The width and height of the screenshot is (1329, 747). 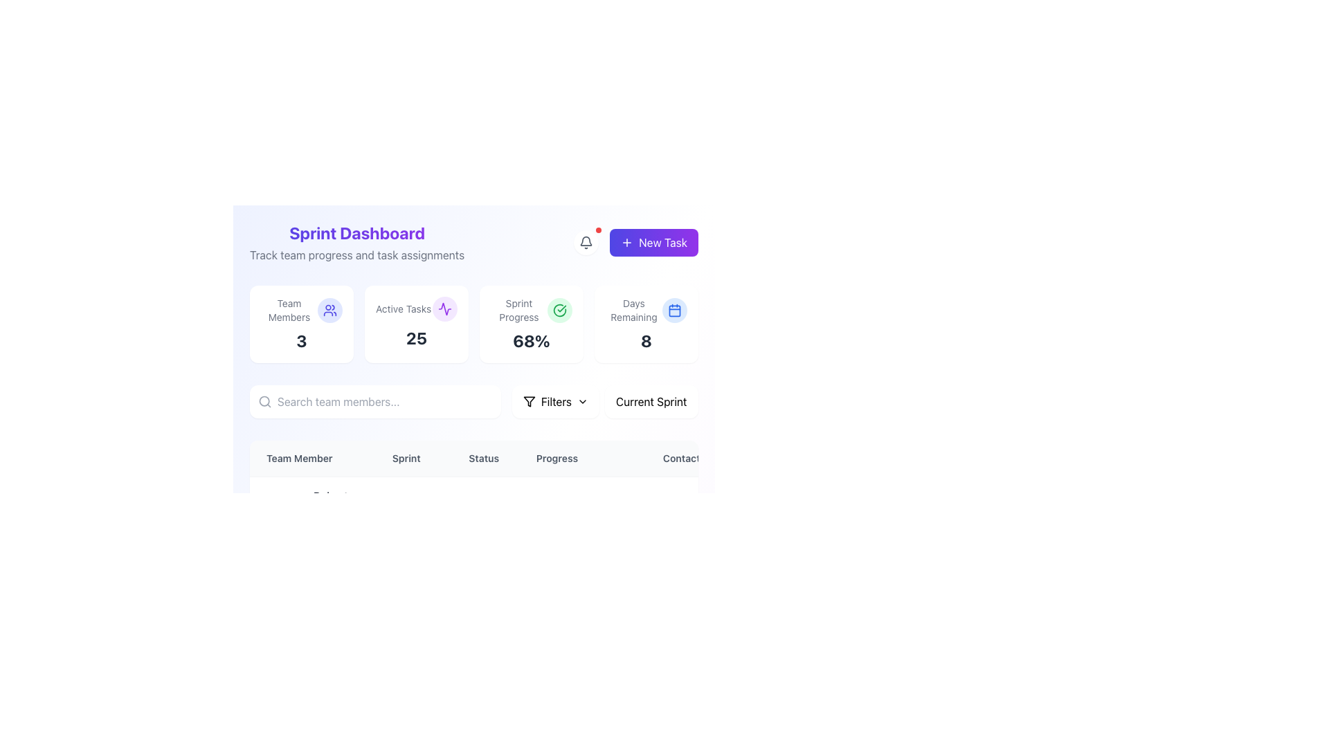 I want to click on the small circular gray indicator with a white border located at the bottom-right corner of the avatar-like element containing a purple gradient and the letter 'H', so click(x=291, y=690).